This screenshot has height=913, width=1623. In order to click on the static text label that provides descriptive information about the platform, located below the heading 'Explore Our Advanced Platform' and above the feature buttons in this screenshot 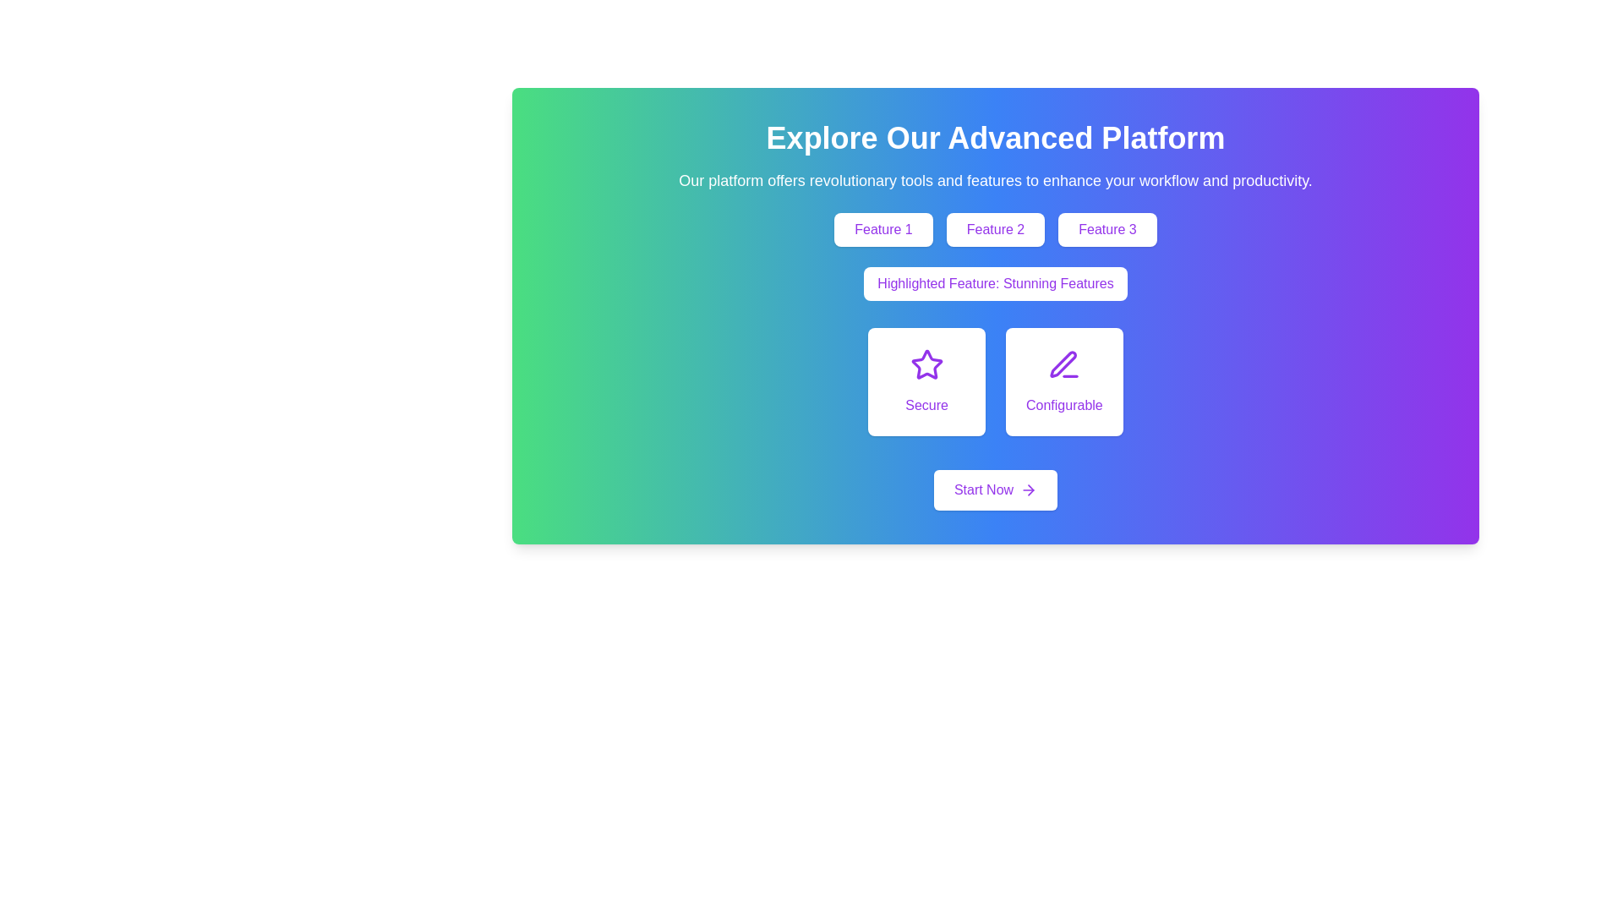, I will do `click(995, 180)`.